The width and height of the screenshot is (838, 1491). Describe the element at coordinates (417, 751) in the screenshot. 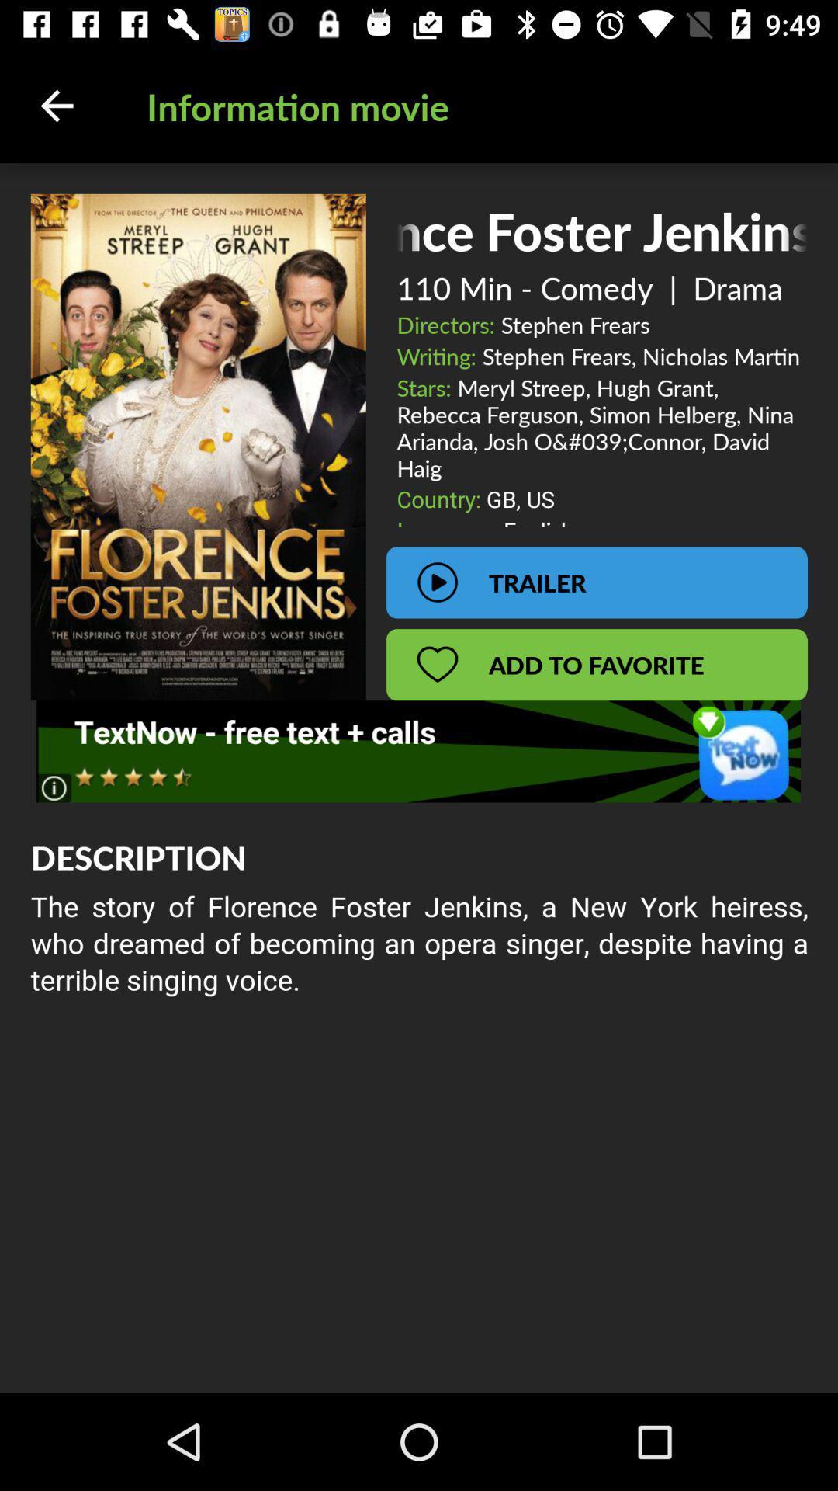

I see `advisement` at that location.